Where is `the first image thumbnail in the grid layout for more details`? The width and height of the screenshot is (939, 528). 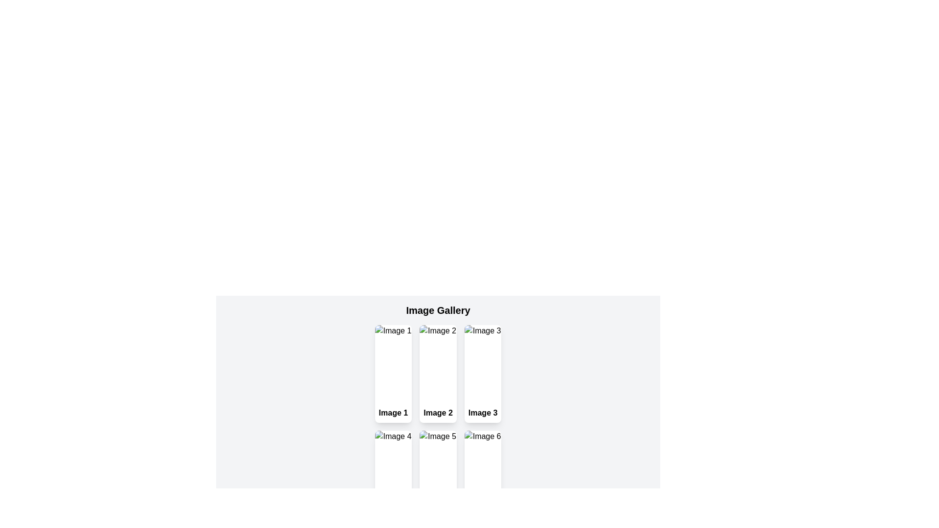 the first image thumbnail in the grid layout for more details is located at coordinates (393, 364).